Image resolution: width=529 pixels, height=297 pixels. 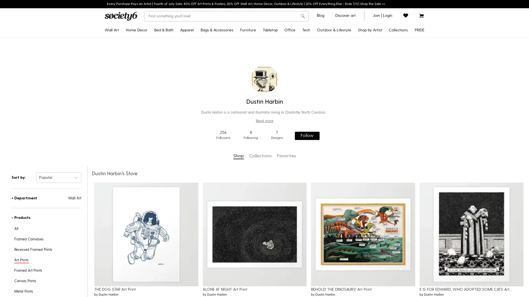 I want to click on Wine Chillers, so click(x=280, y=106).